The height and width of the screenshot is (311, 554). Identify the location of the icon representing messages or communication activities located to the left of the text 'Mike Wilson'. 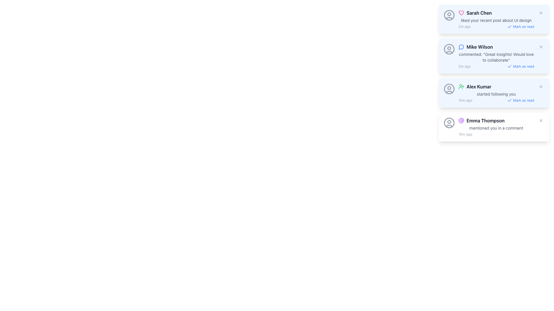
(461, 46).